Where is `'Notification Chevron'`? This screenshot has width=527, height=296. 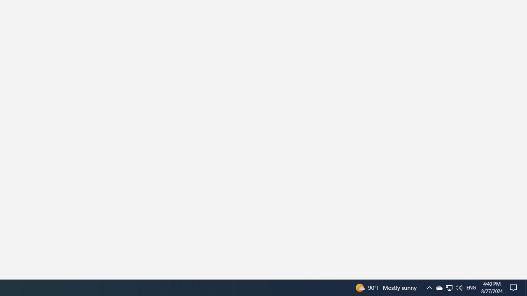
'Notification Chevron' is located at coordinates (429, 287).